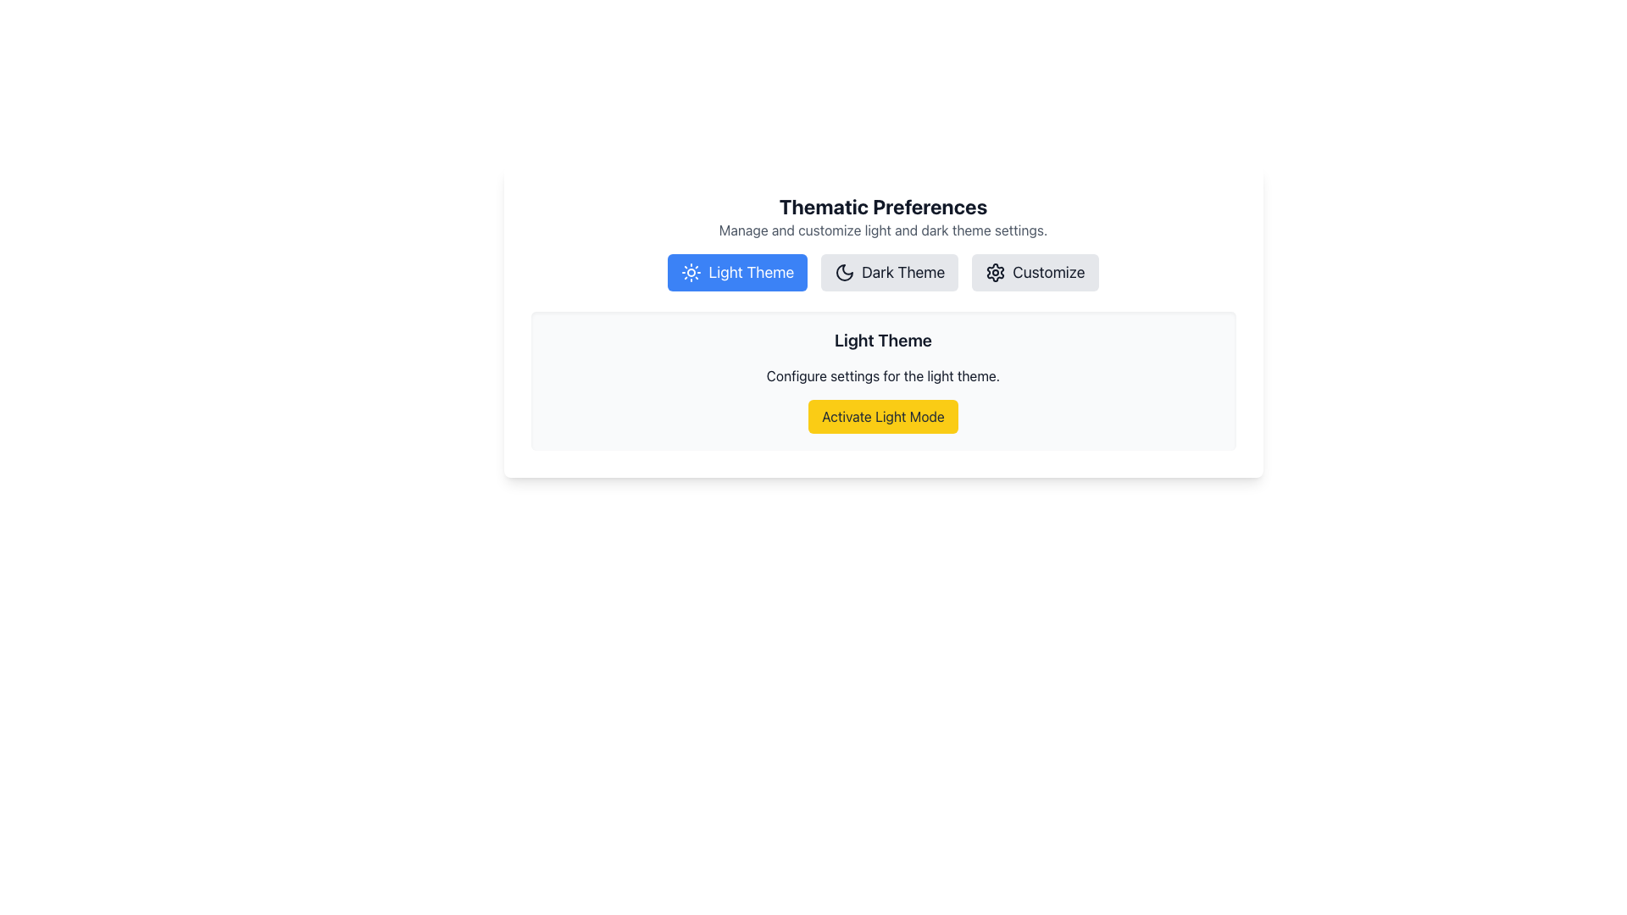 The height and width of the screenshot is (915, 1627). What do you see at coordinates (845, 271) in the screenshot?
I see `the small moon icon with a black outline and transparent fill, located within the 'Dark Theme' button, positioned to the left of the button text` at bounding box center [845, 271].